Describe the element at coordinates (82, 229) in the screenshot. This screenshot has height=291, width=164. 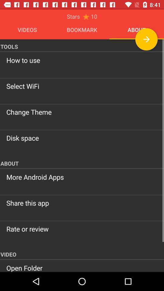
I see `rate or review icon` at that location.